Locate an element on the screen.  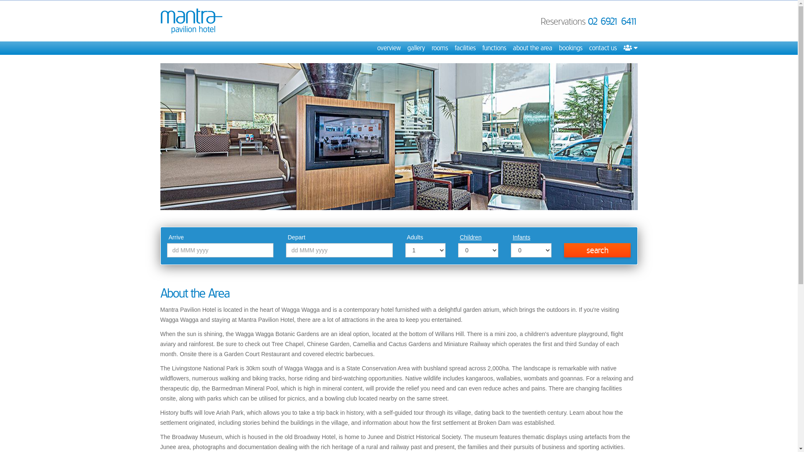
'contact us' is located at coordinates (602, 48).